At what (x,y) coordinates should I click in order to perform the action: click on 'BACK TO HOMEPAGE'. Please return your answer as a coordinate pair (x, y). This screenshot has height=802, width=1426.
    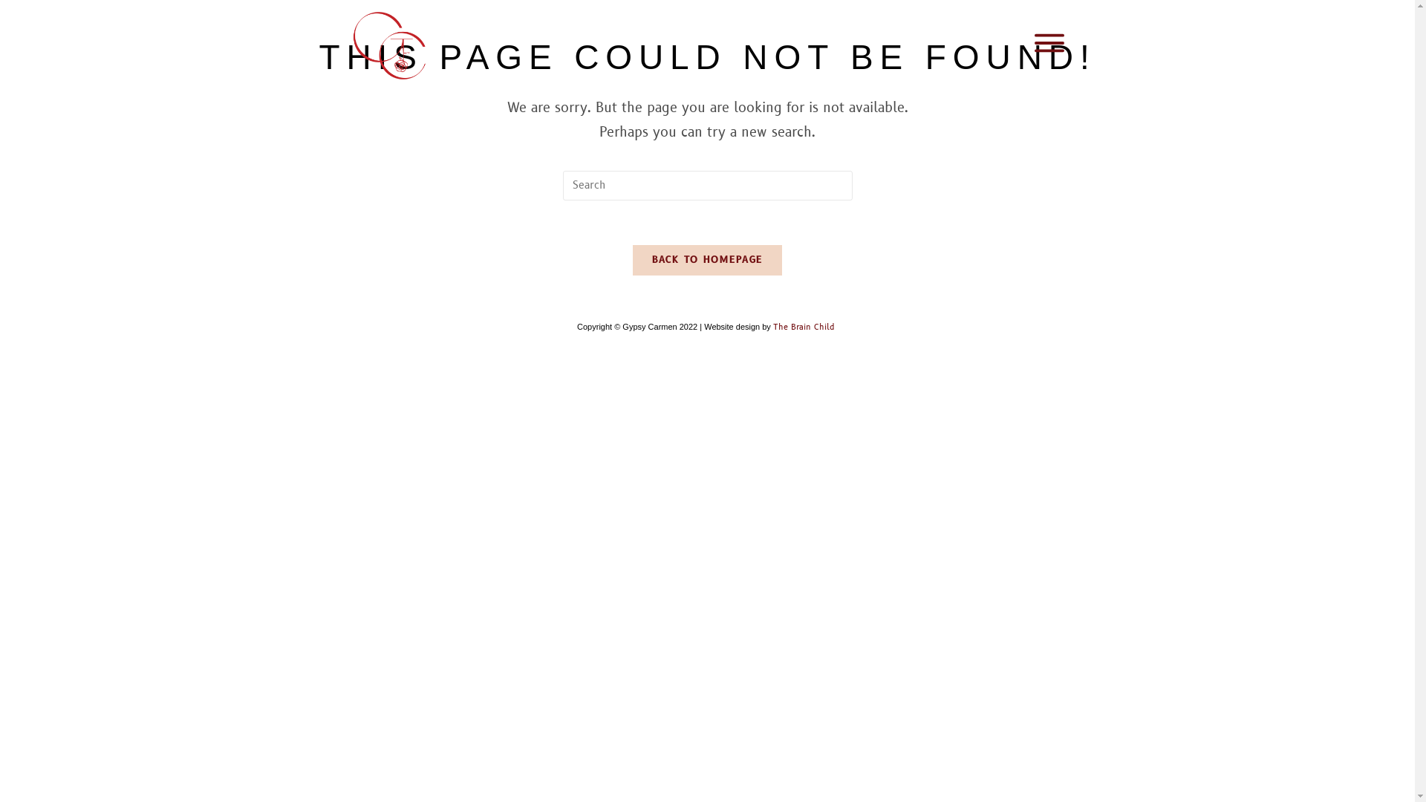
    Looking at the image, I should click on (707, 259).